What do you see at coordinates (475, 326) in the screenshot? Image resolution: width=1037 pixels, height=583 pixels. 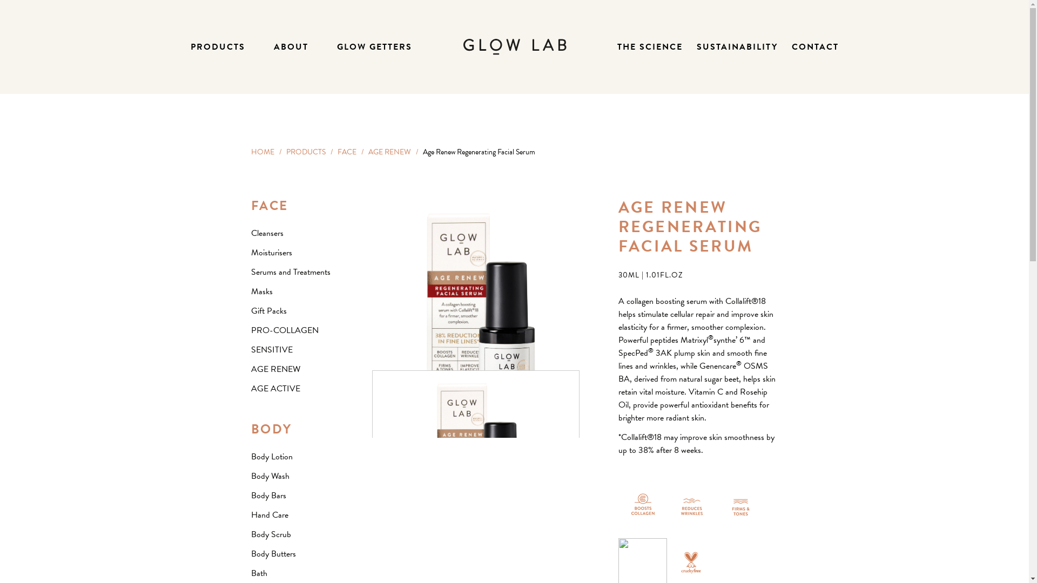 I see `'Age Renew Regenerating Facial Serum'` at bounding box center [475, 326].